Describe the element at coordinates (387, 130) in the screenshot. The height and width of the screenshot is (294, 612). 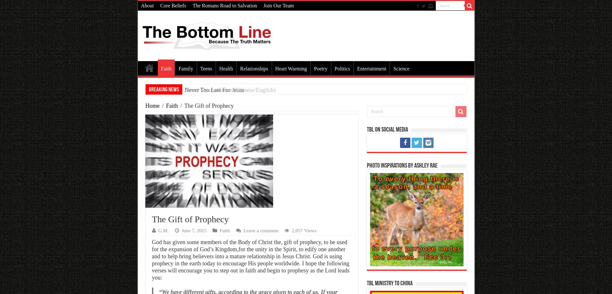
I see `'TBL on Social Media'` at that location.